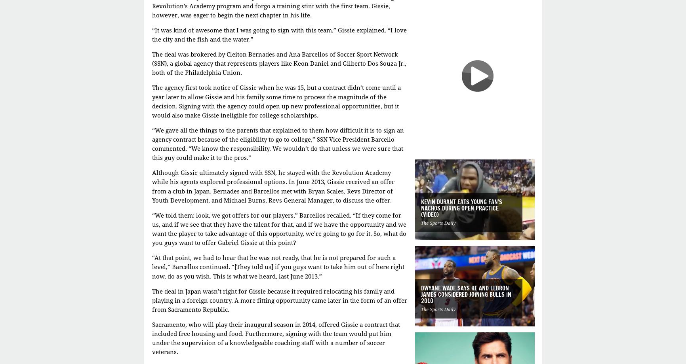  Describe the element at coordinates (278, 300) in the screenshot. I see `'The deal in Japan wasn’t right for Gissie because it required relocating his family and playing in a foreign country. A more fitting opportunity came later in the form of an offer from Sacramento Republic.'` at that location.